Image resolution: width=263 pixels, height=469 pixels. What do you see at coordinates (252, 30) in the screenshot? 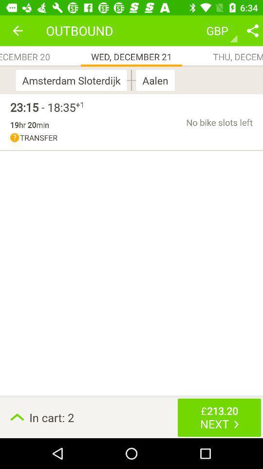
I see `share button` at bounding box center [252, 30].